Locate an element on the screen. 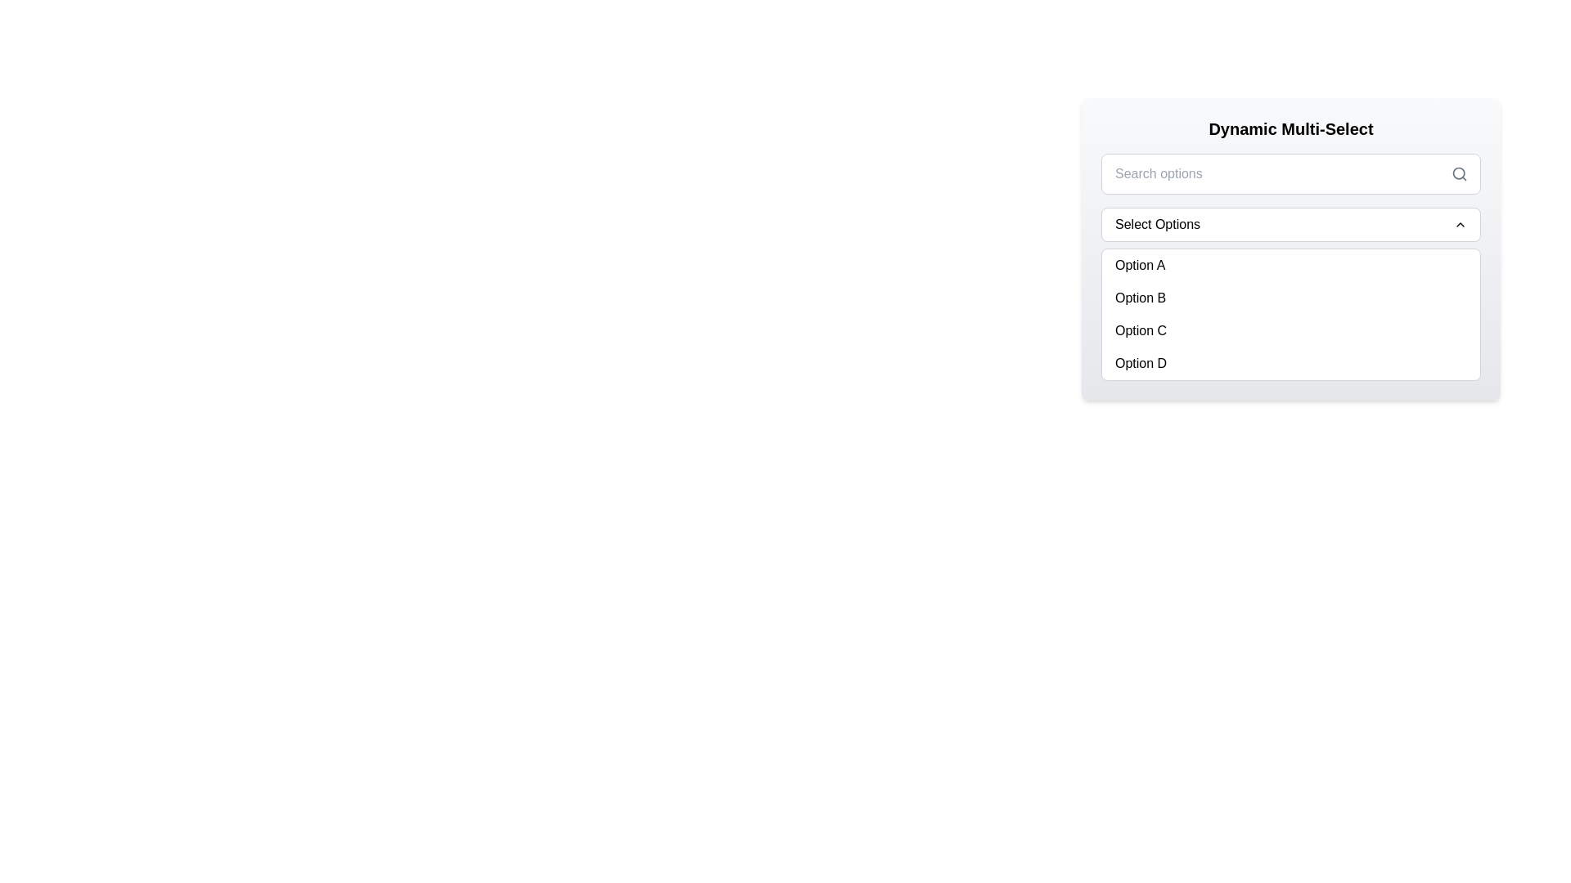 The image size is (1571, 883). the chevron icon located in the right section of the 'Select Options' dropdown is located at coordinates (1461, 224).